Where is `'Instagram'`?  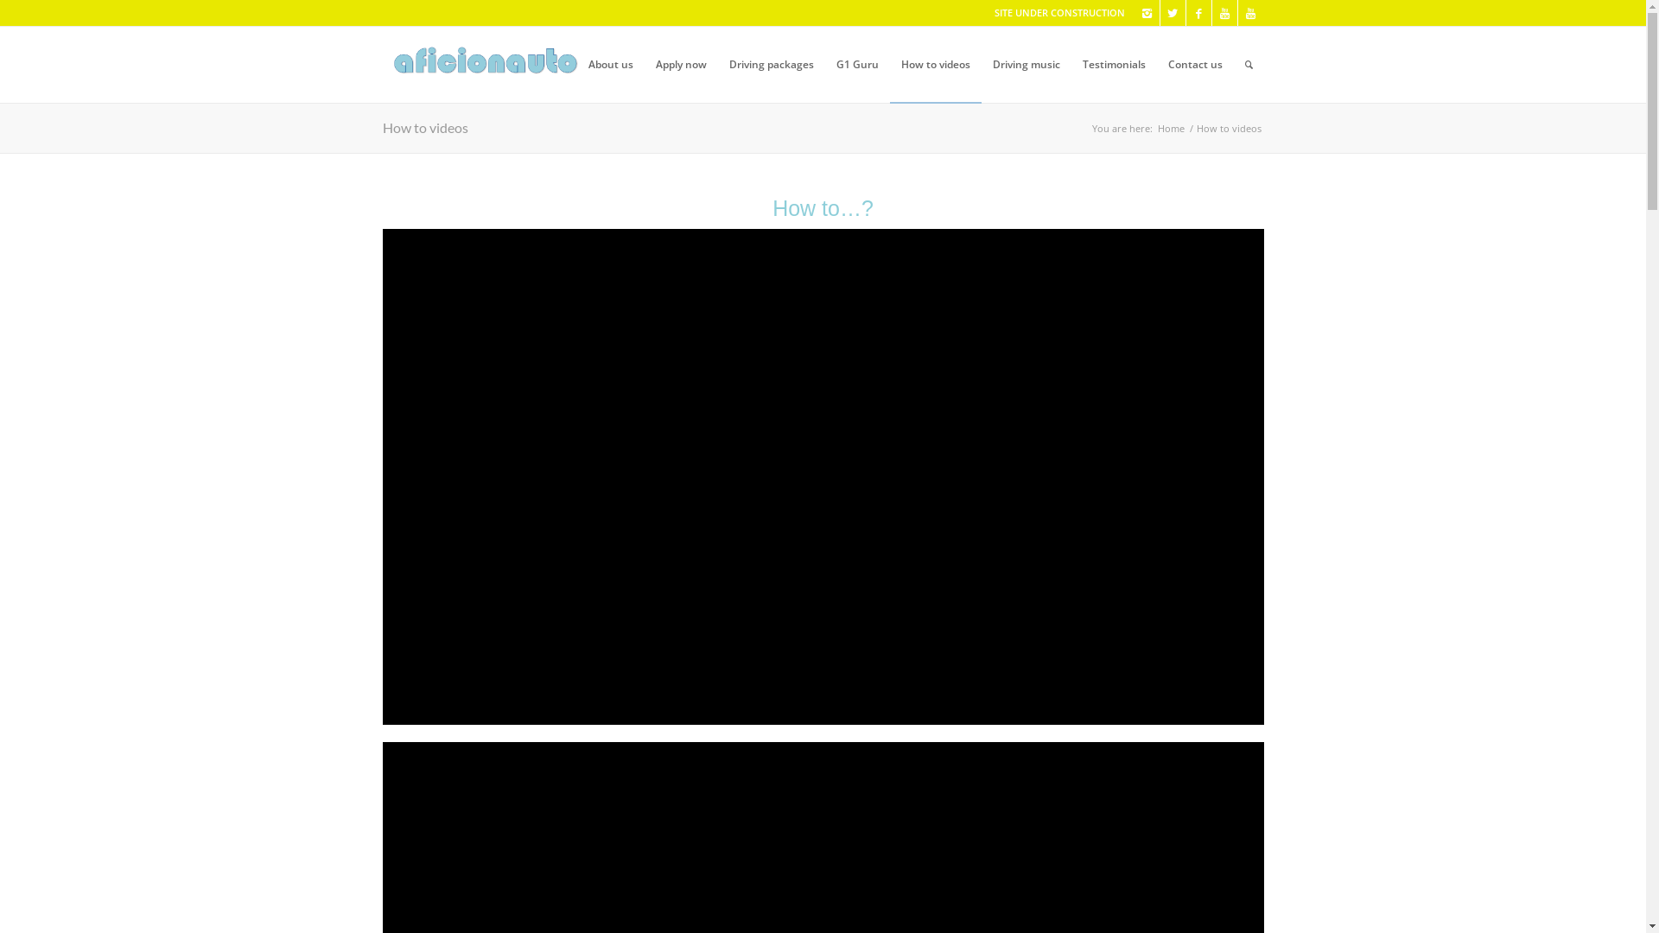
'Instagram' is located at coordinates (1146, 13).